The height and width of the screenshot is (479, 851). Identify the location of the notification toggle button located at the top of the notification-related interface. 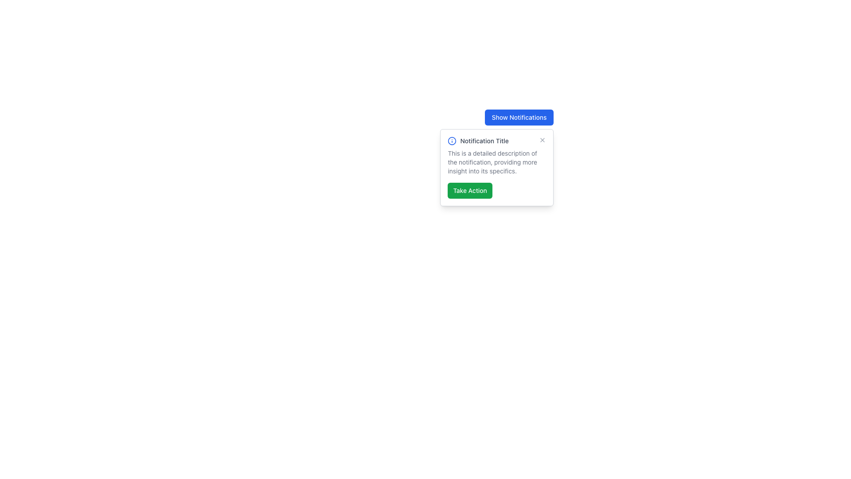
(519, 117).